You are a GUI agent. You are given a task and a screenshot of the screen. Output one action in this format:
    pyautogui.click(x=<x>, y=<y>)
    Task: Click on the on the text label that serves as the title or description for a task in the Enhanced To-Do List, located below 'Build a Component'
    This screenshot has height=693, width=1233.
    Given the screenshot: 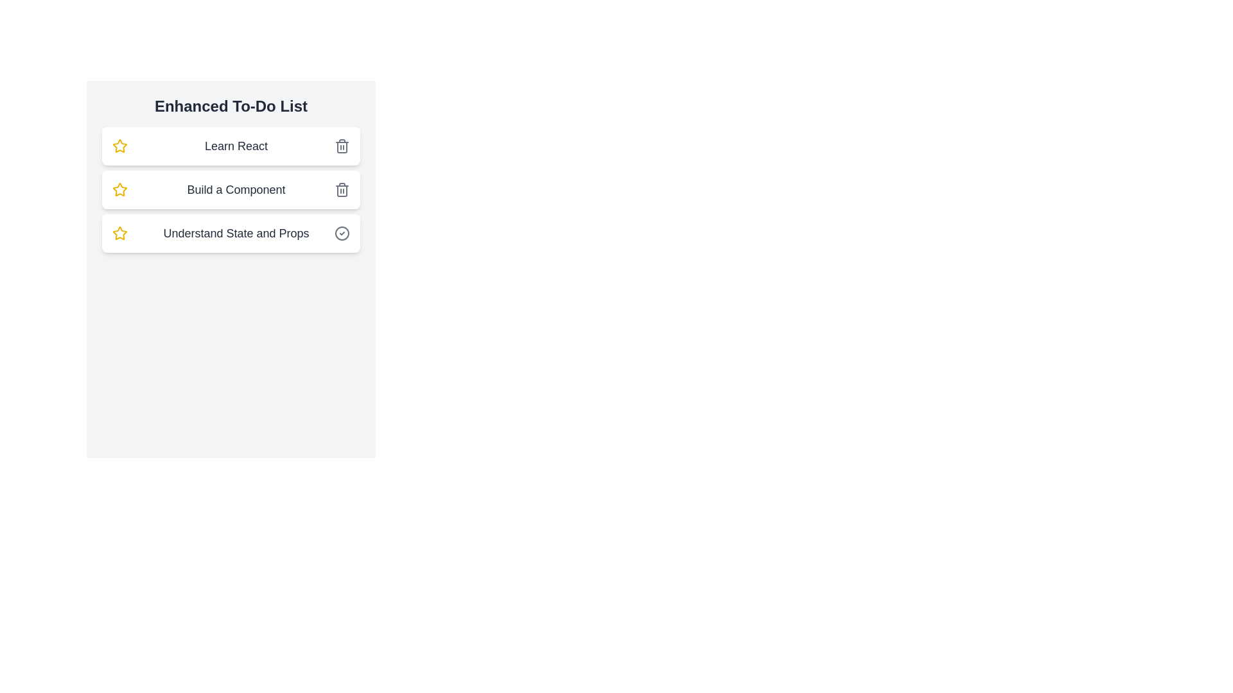 What is the action you would take?
    pyautogui.click(x=236, y=233)
    